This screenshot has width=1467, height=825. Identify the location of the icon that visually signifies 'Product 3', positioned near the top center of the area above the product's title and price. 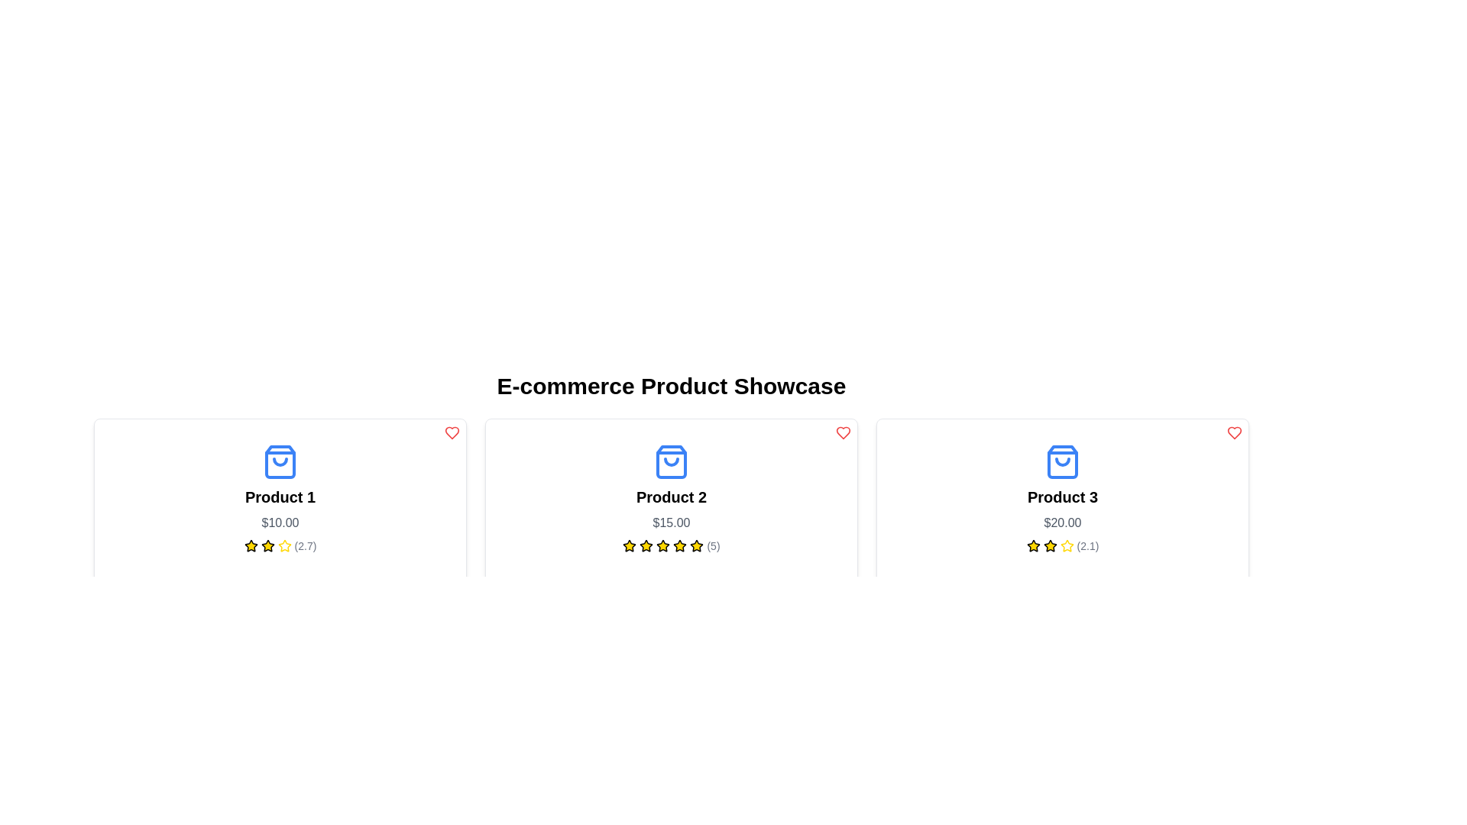
(1062, 461).